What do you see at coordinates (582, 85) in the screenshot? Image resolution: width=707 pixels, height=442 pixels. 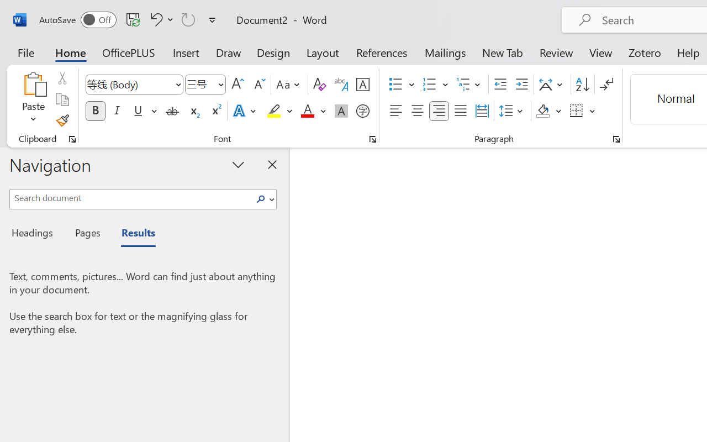 I see `'Sort...'` at bounding box center [582, 85].